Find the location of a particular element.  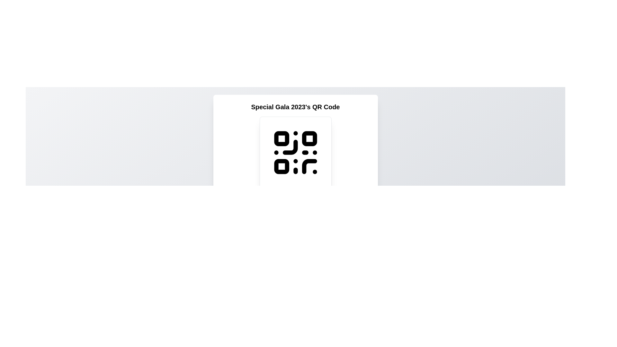

the curved line graphical element located in the bottom-right quadrant of the QR code, which contributes to its overall scannability is located at coordinates (309, 166).